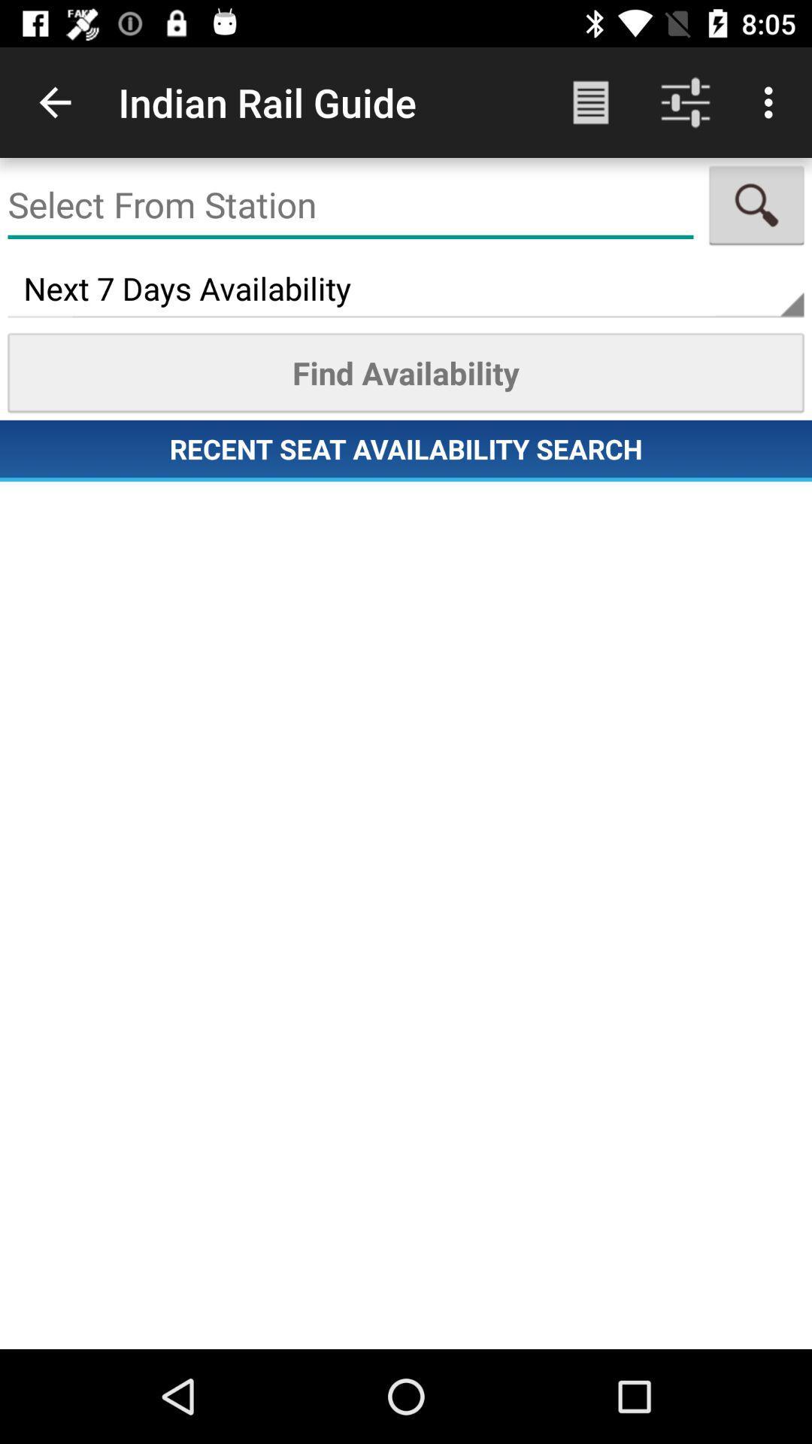 The width and height of the screenshot is (812, 1444). What do you see at coordinates (756, 205) in the screenshot?
I see `search option` at bounding box center [756, 205].